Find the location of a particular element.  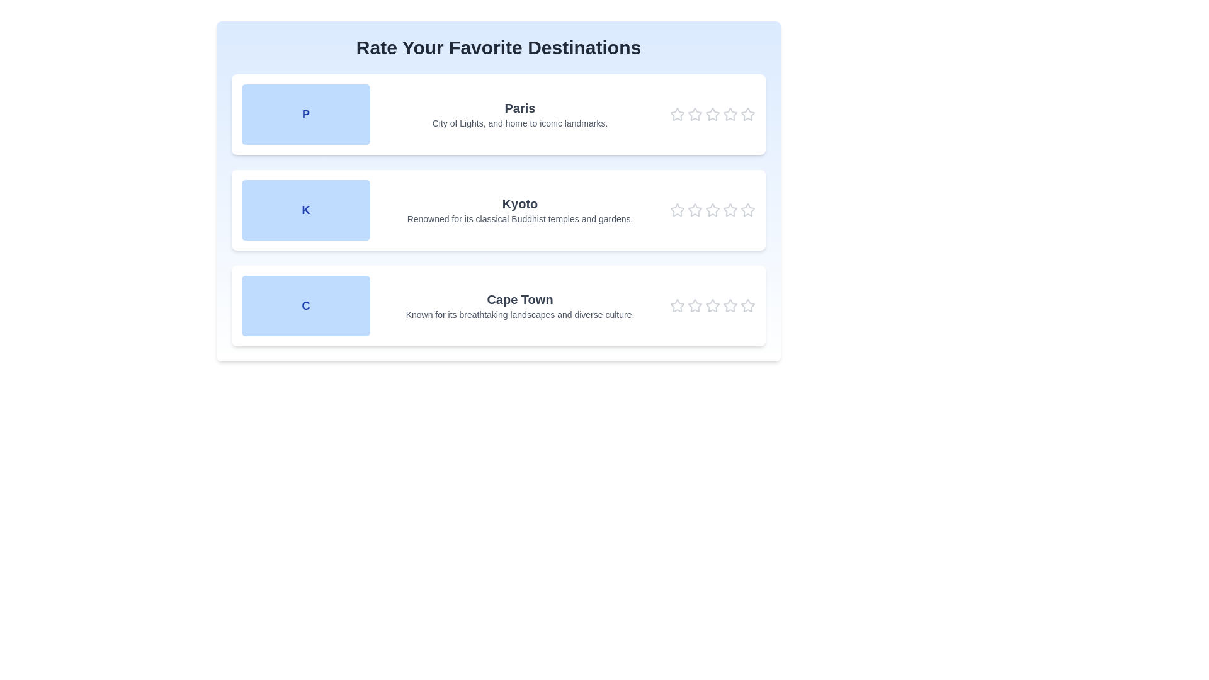

the fifth unfilled star icon in the rating system for the 'Cape Town' section to assign a rating is located at coordinates (729, 305).